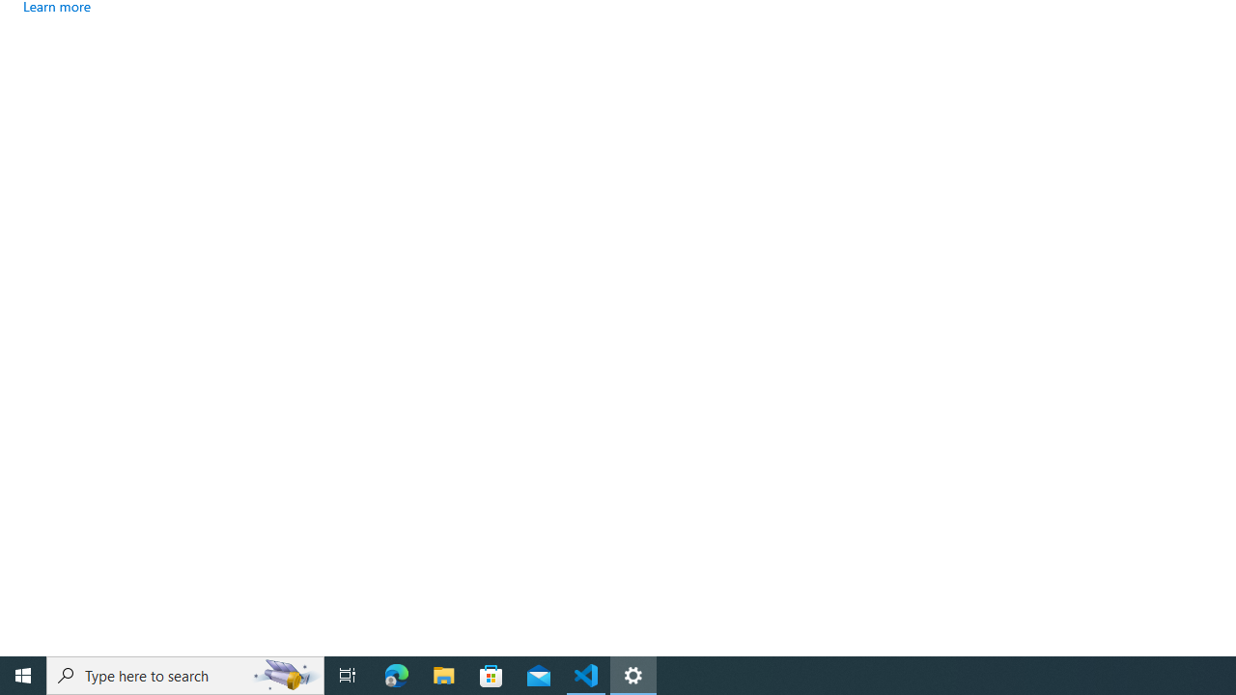 The height and width of the screenshot is (695, 1236). What do you see at coordinates (284, 674) in the screenshot?
I see `'Search highlights icon opens search home window'` at bounding box center [284, 674].